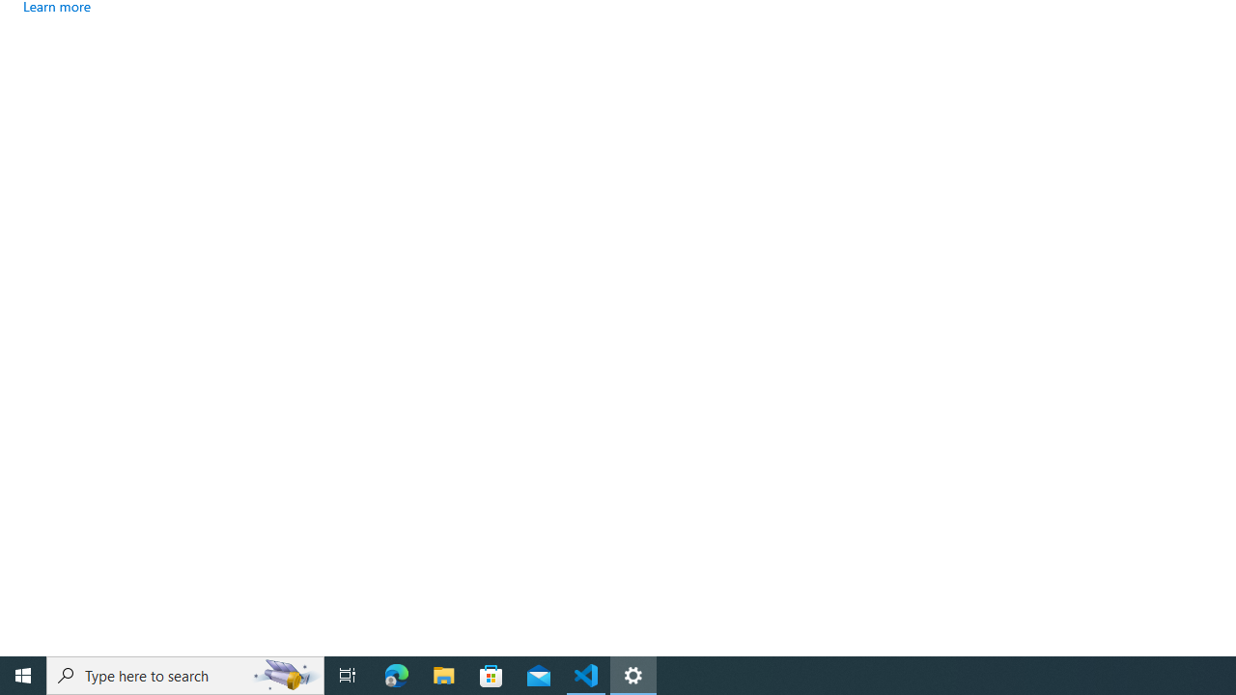 The height and width of the screenshot is (695, 1236). What do you see at coordinates (284, 674) in the screenshot?
I see `'Search highlights icon opens search home window'` at bounding box center [284, 674].